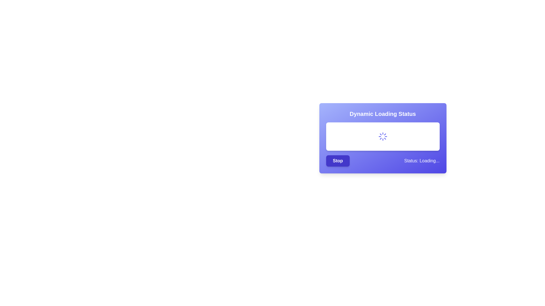 This screenshot has width=545, height=306. I want to click on the Loading Indicator Panel, which features a gradient background and contains a centered animated loader icon, with the title 'Dynamic Loading Status' at the top and 'Status: Loading...' at the bottom, so click(383, 138).